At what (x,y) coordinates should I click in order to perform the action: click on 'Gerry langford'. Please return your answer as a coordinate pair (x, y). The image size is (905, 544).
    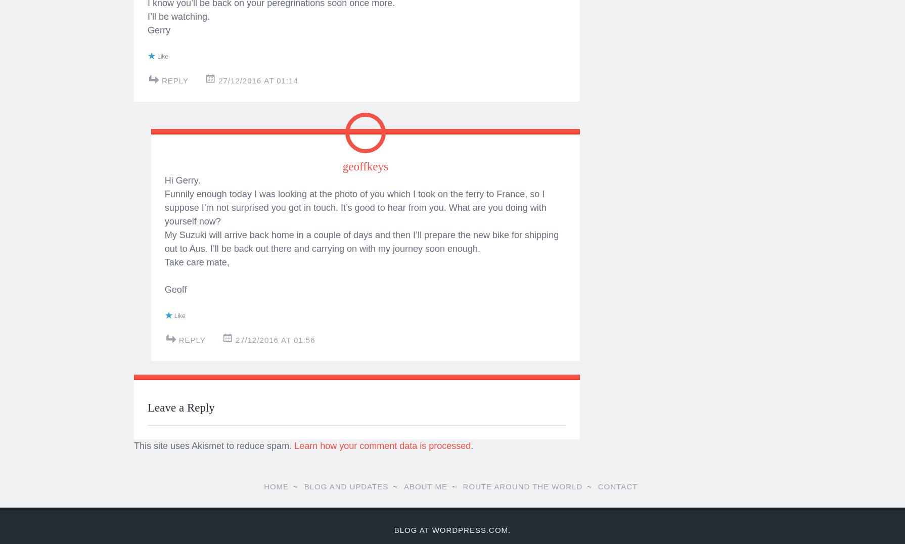
    Looking at the image, I should click on (322, 271).